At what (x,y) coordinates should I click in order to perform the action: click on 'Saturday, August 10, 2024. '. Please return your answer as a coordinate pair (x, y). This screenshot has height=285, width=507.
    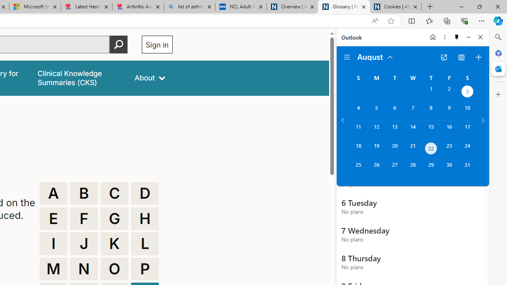
    Looking at the image, I should click on (467, 111).